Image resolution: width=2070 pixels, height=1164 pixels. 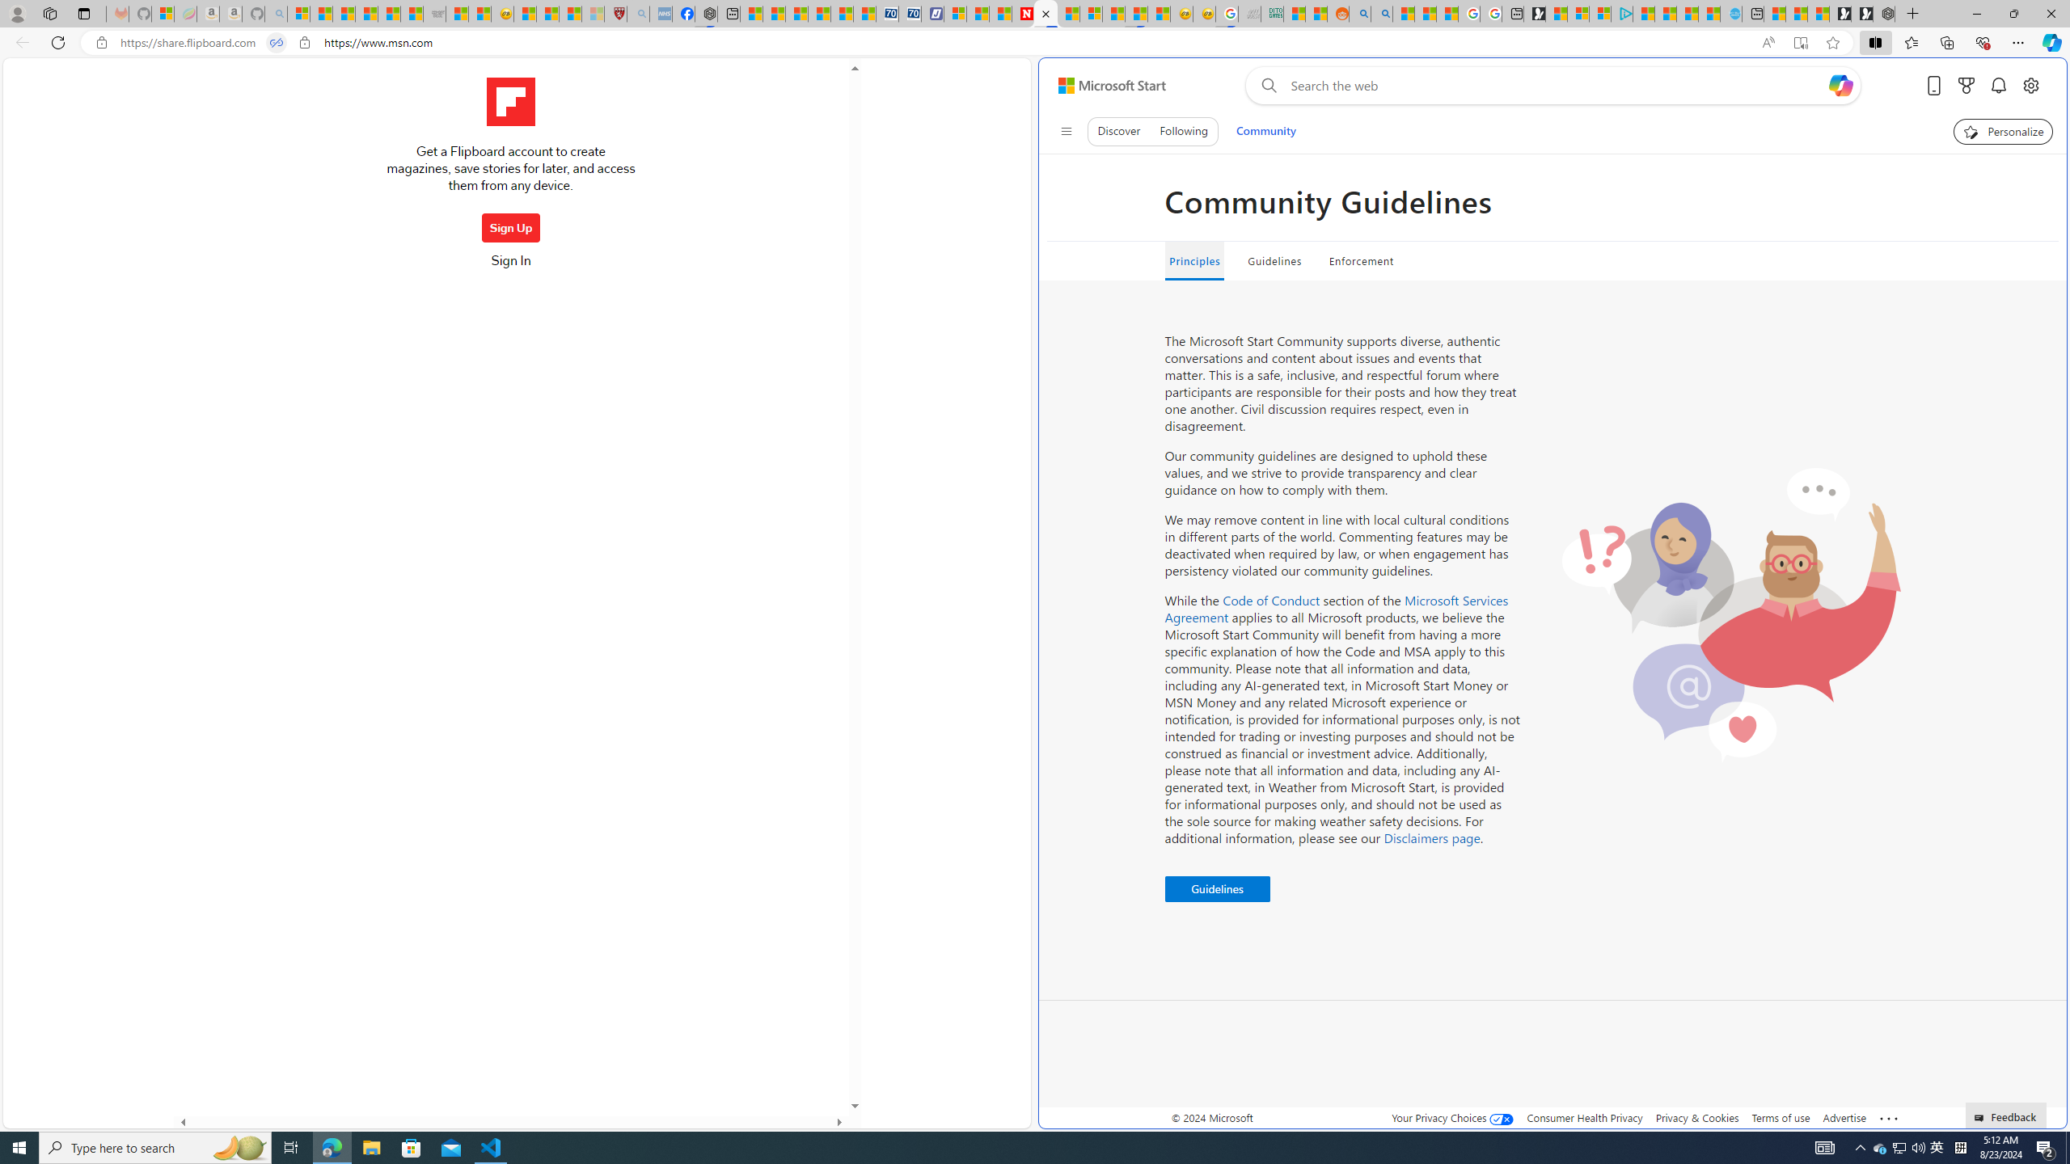 What do you see at coordinates (1453, 1117) in the screenshot?
I see `'Your Privacy Choices'` at bounding box center [1453, 1117].